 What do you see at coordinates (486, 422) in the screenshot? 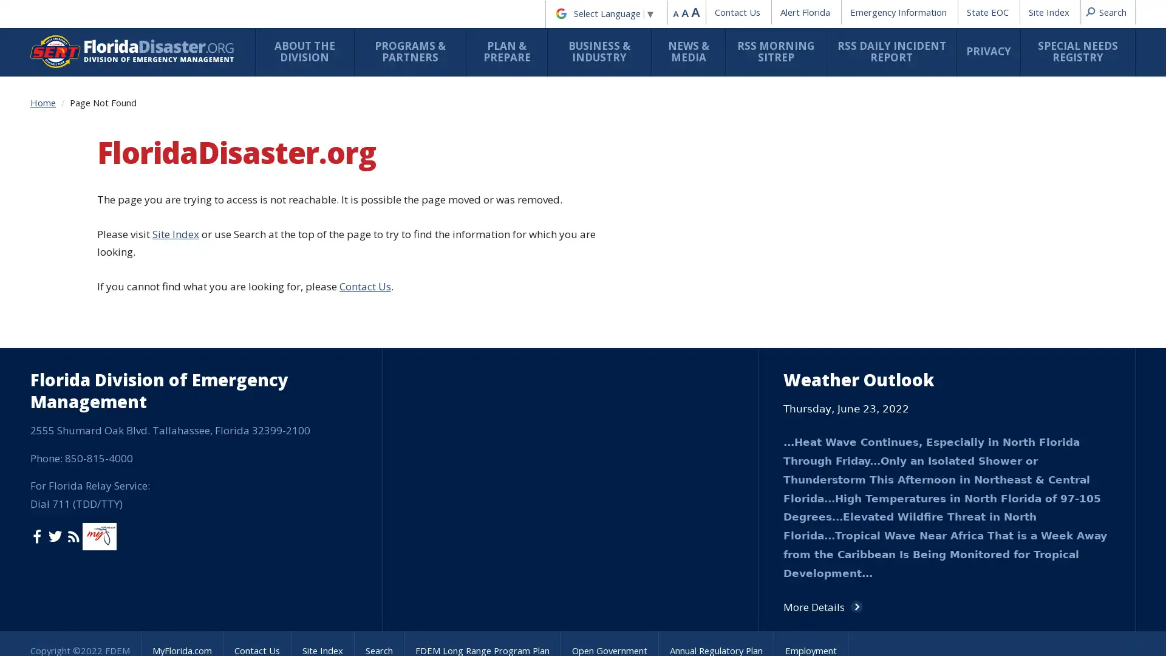
I see `Toggle More` at bounding box center [486, 422].